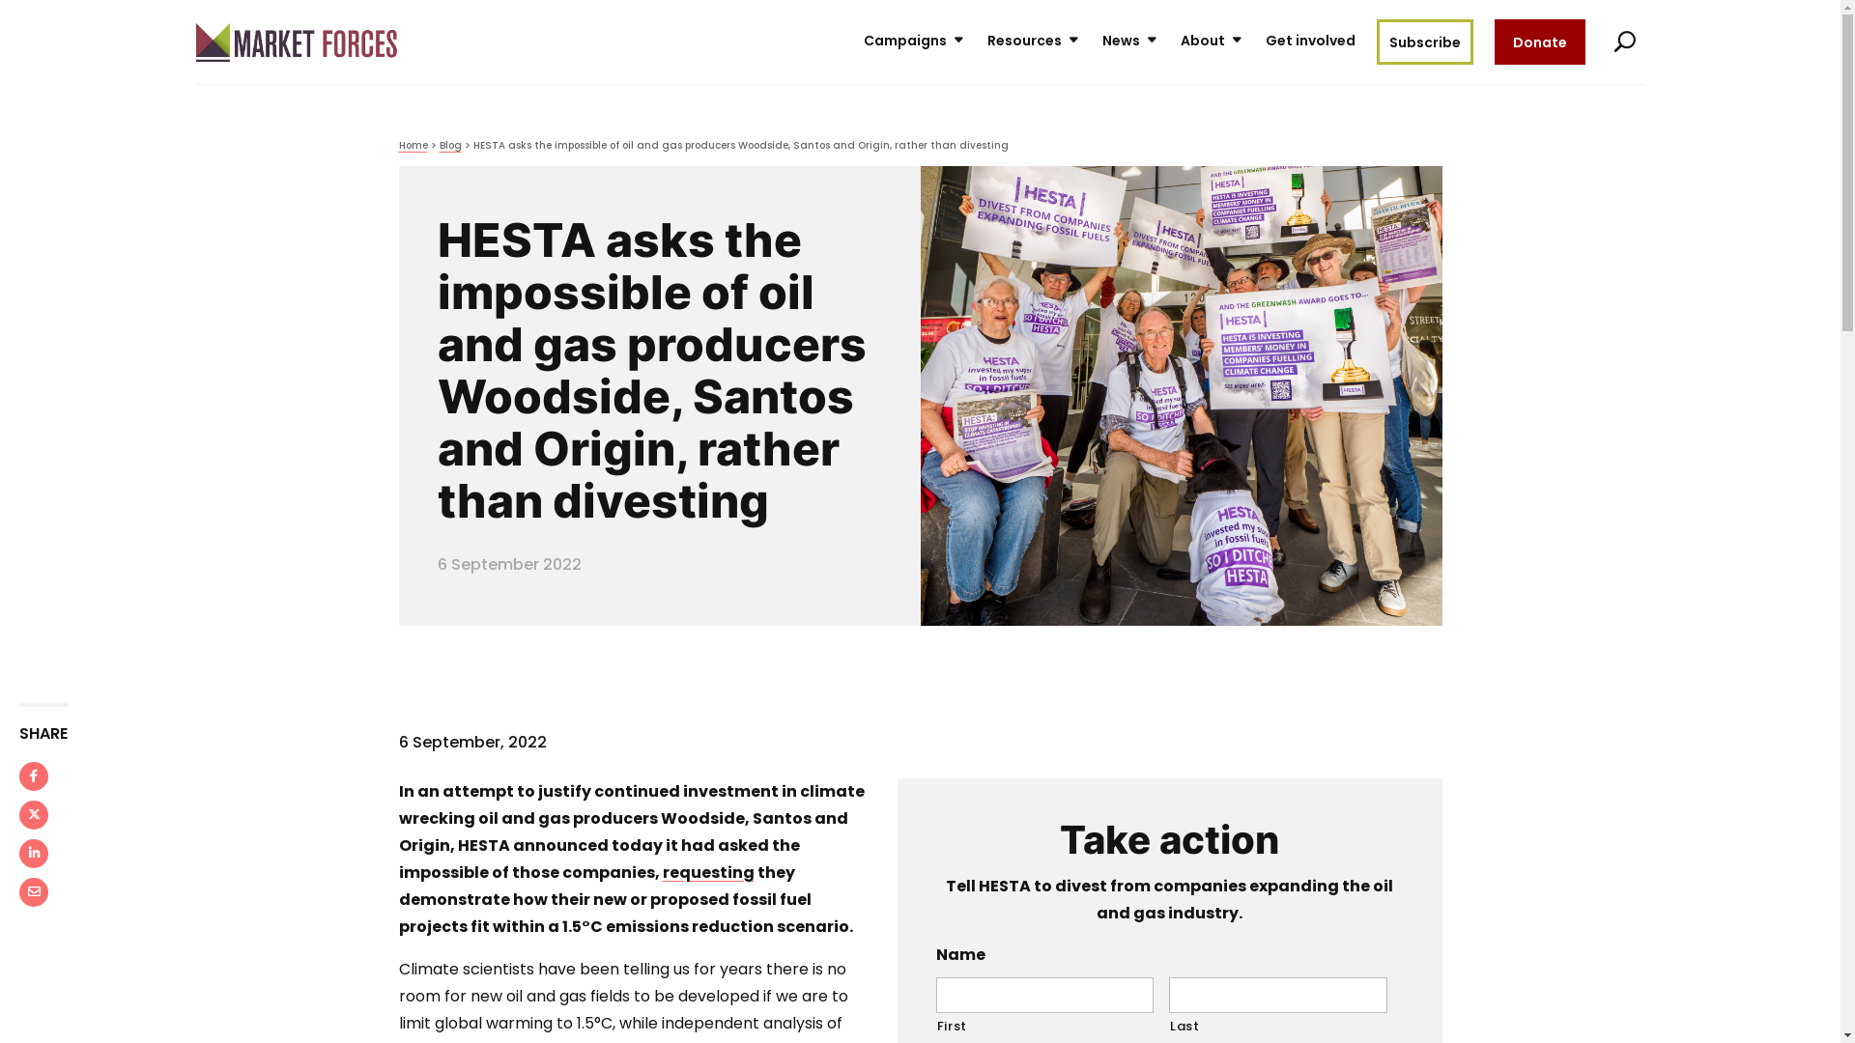 The image size is (1855, 1043). What do you see at coordinates (913, 42) in the screenshot?
I see `'Campaigns'` at bounding box center [913, 42].